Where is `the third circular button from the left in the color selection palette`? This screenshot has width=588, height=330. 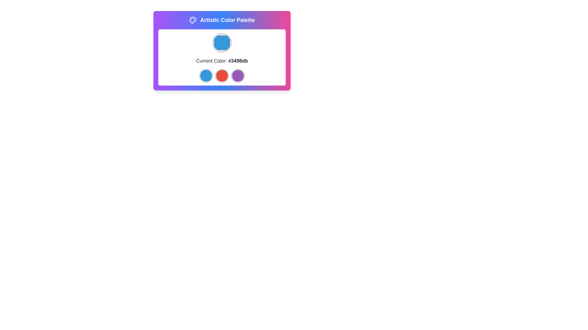
the third circular button from the left in the color selection palette is located at coordinates (238, 75).